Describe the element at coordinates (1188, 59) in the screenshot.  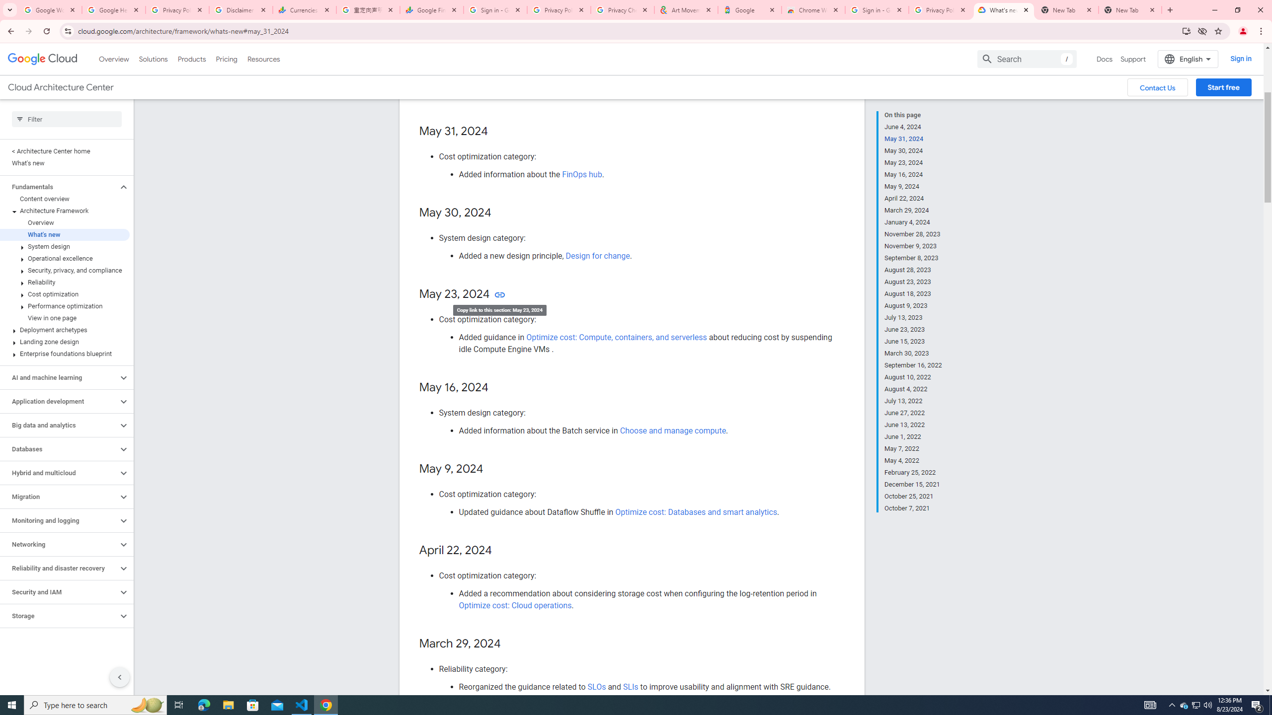
I see `'English'` at that location.